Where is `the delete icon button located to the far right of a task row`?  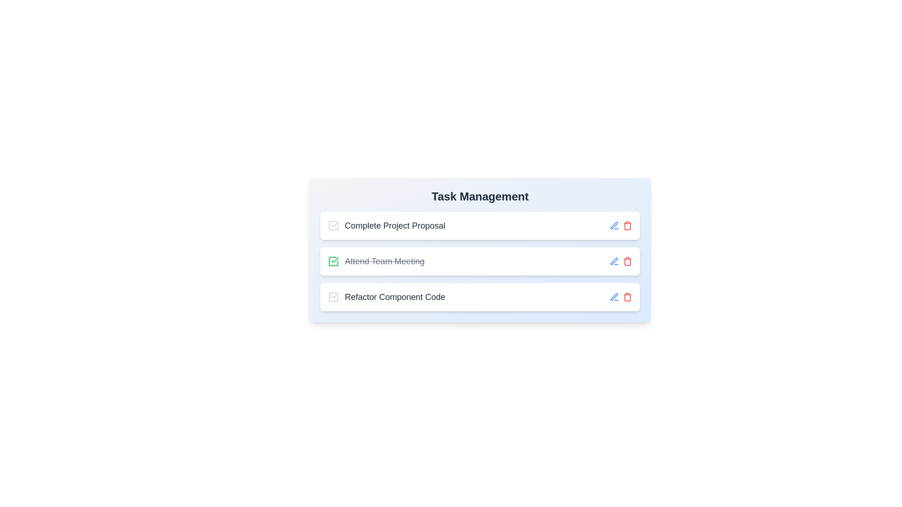
the delete icon button located to the far right of a task row is located at coordinates (627, 297).